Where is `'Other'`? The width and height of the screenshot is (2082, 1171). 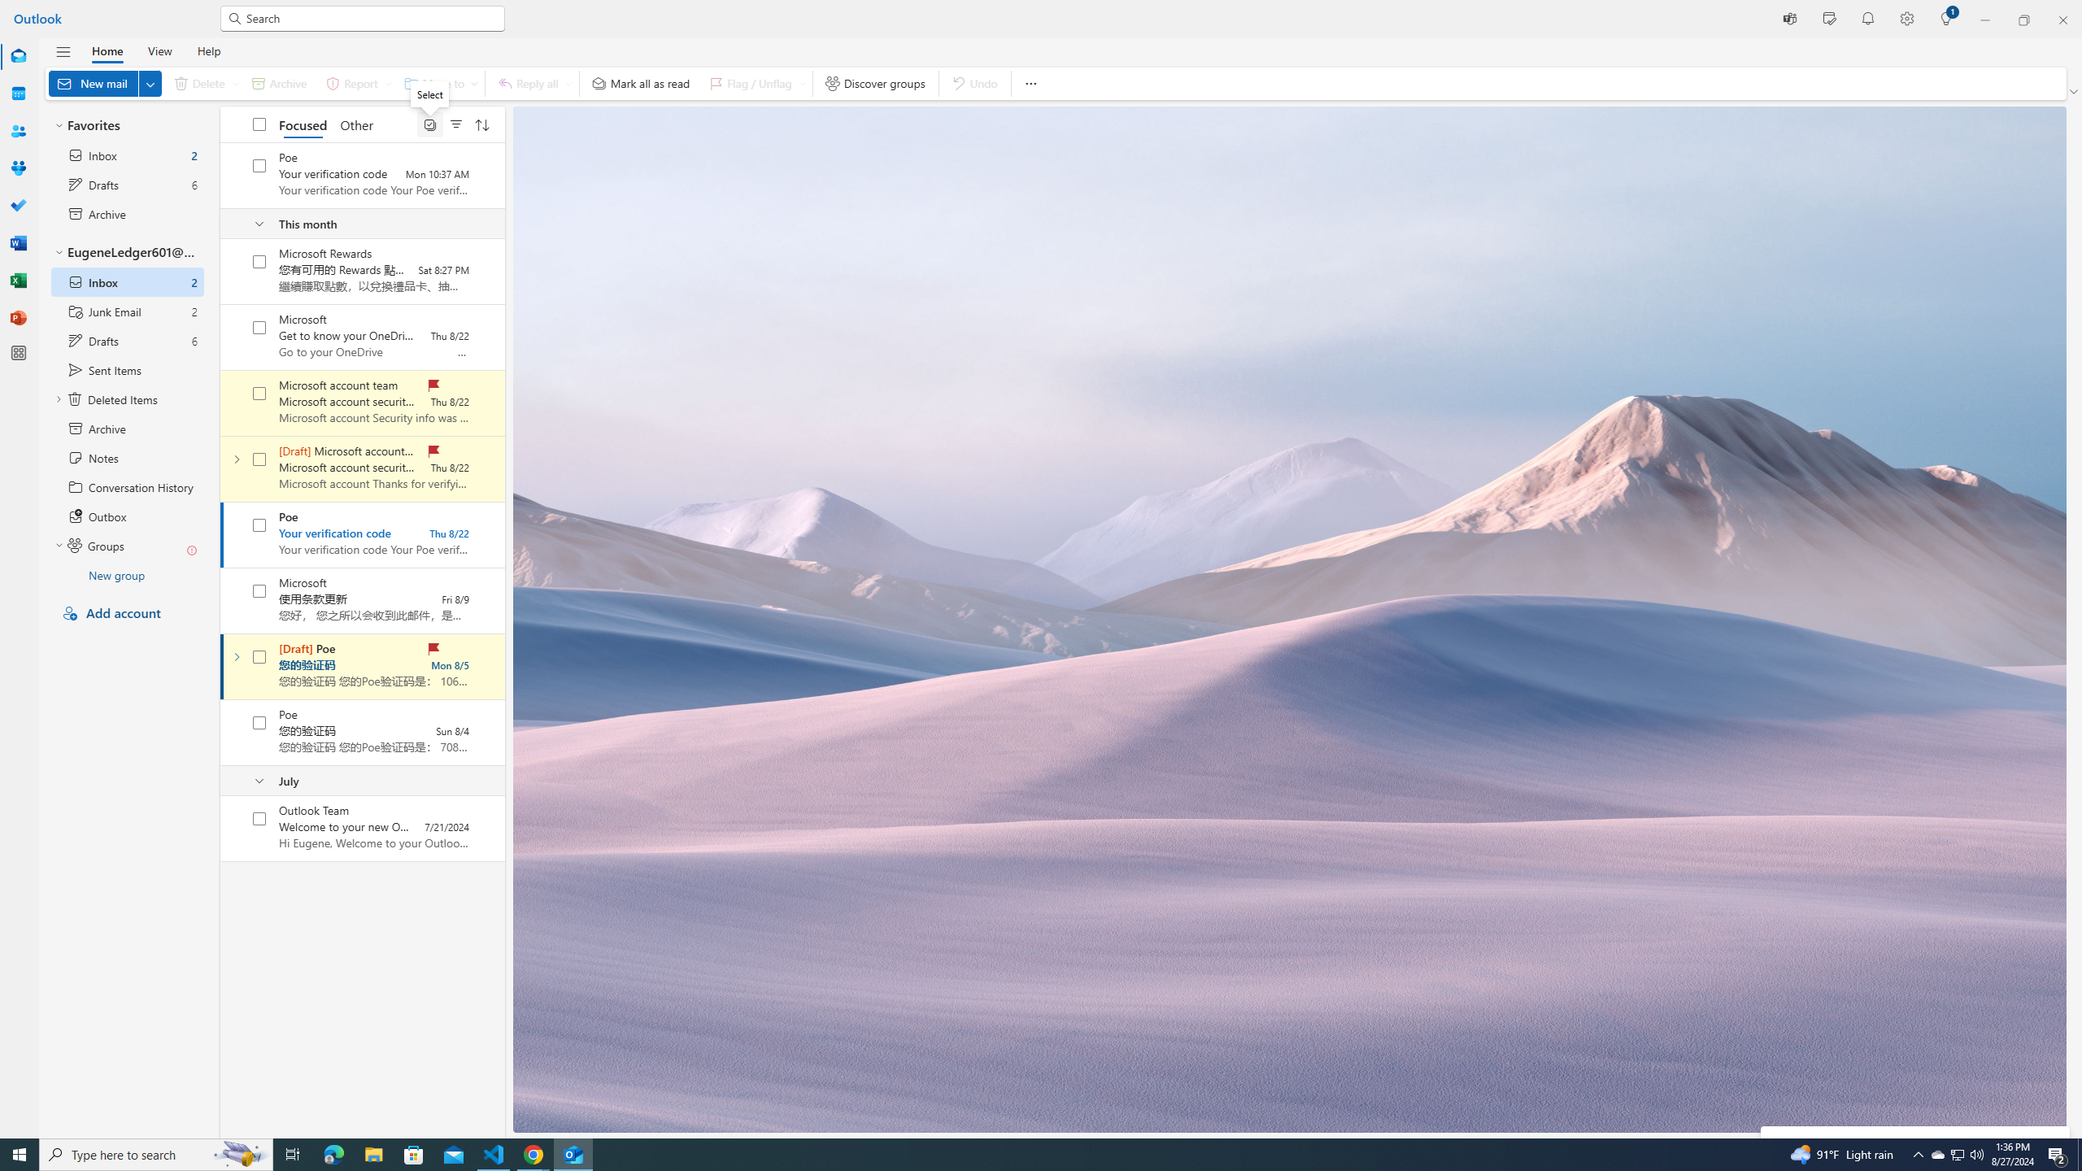
'Other' is located at coordinates (355, 124).